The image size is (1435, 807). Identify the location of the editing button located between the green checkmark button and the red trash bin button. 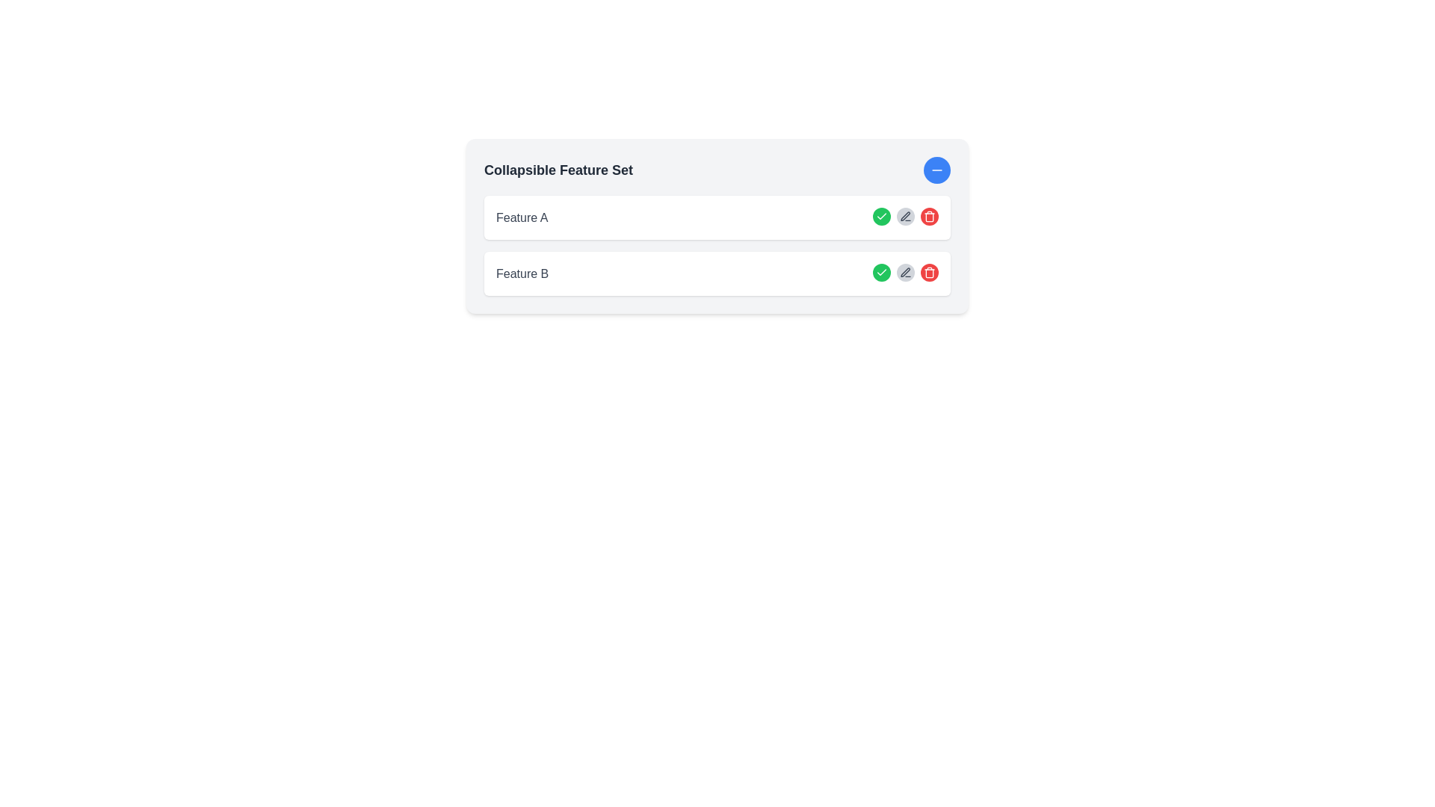
(904, 217).